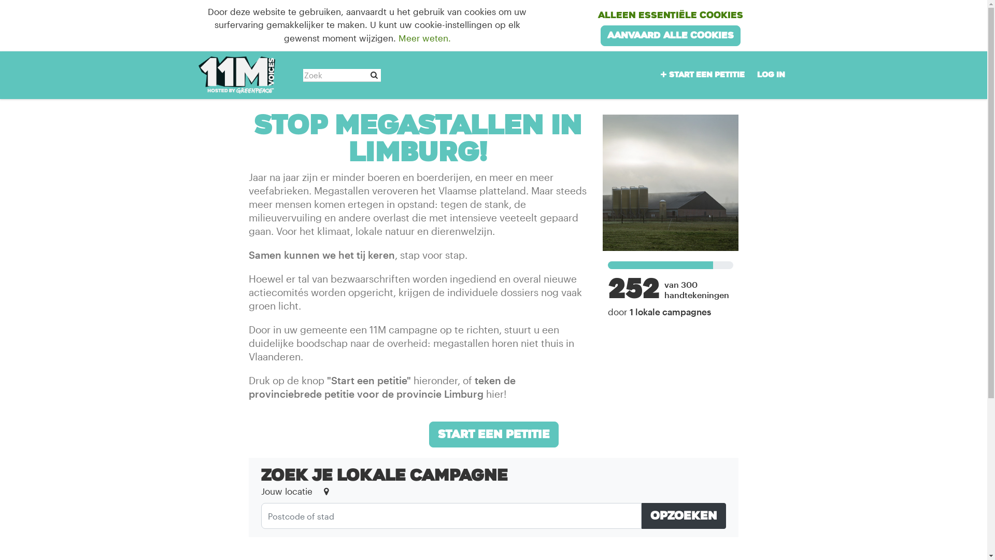  Describe the element at coordinates (653, 74) in the screenshot. I see `'START EEN PETITIE'` at that location.